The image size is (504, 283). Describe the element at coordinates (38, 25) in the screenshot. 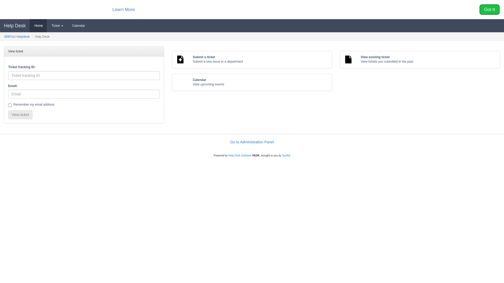

I see `' Home'` at that location.